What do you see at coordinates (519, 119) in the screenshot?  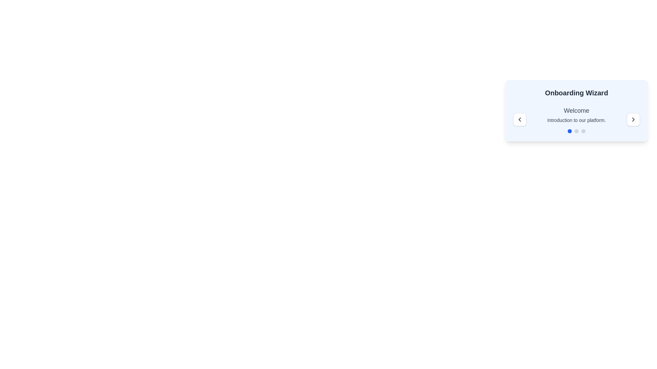 I see `the left-facing chevron button, which is a small rectangular button with rounded corners located to the left of the 'Welcome' header` at bounding box center [519, 119].